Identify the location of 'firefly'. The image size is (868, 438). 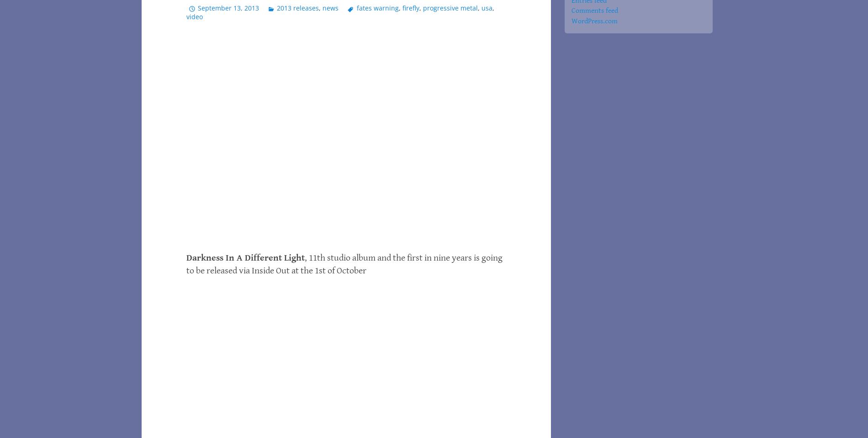
(402, 7).